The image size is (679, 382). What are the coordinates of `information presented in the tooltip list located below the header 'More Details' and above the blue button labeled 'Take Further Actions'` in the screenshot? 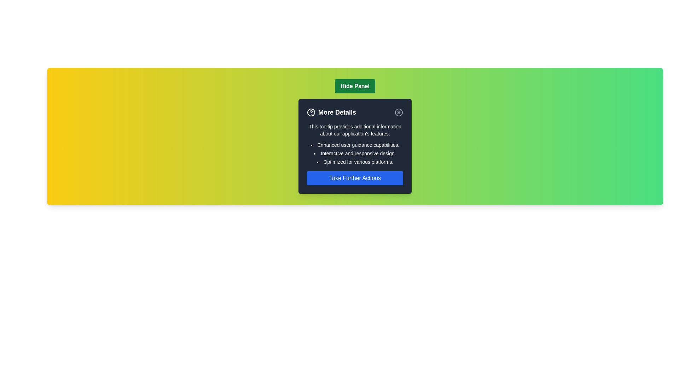 It's located at (355, 153).